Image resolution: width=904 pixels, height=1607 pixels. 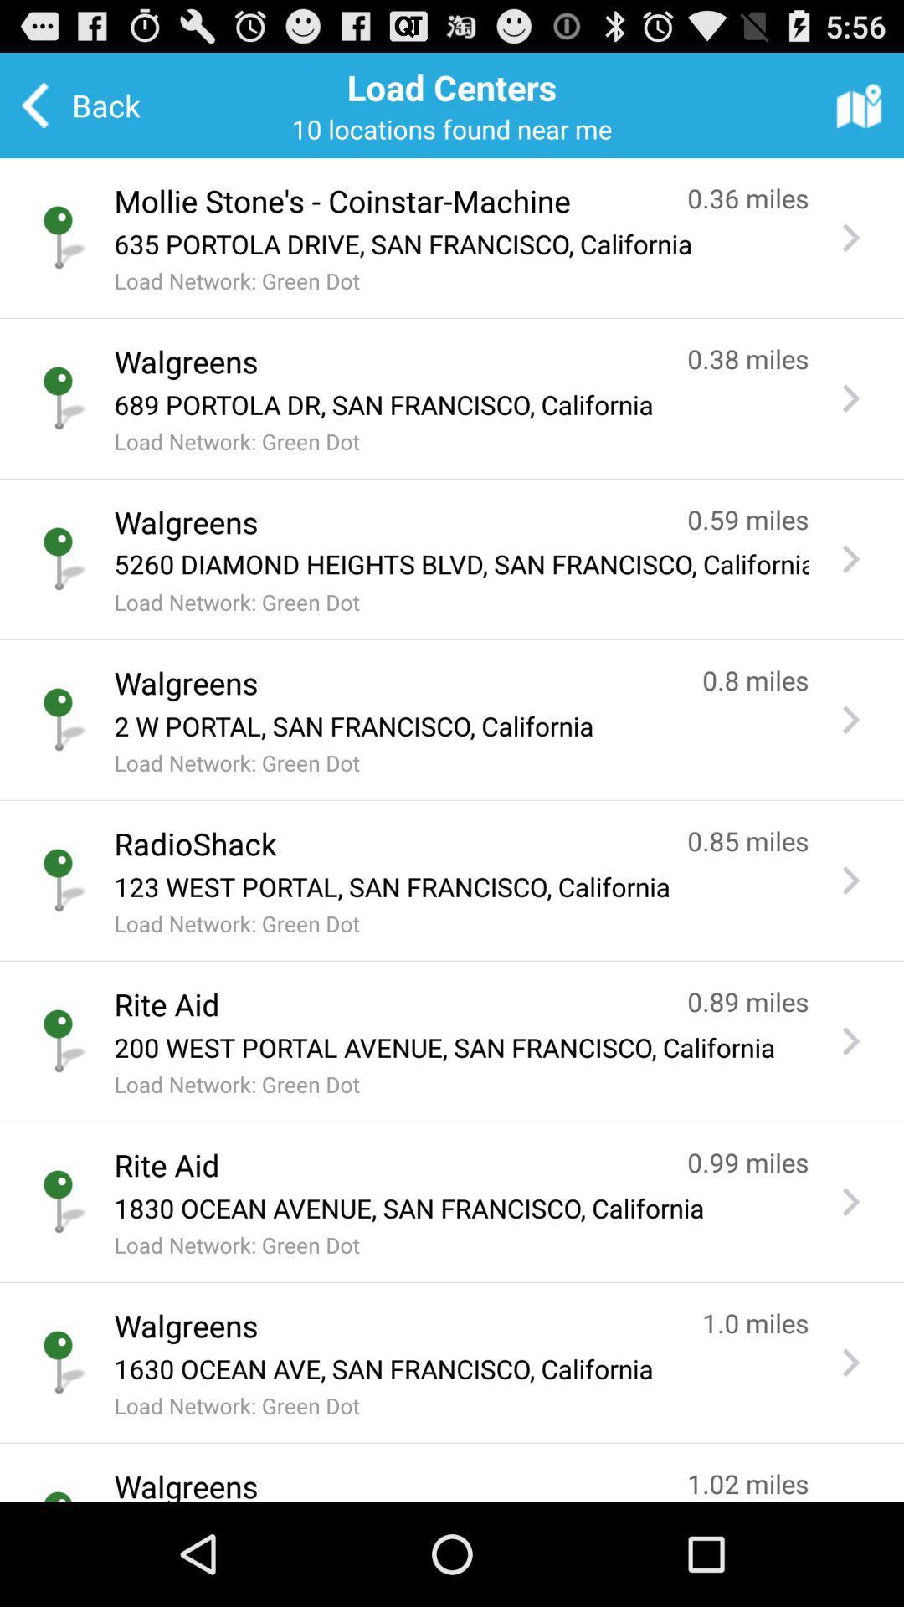 I want to click on the app to the right of the load centers, so click(x=859, y=104).